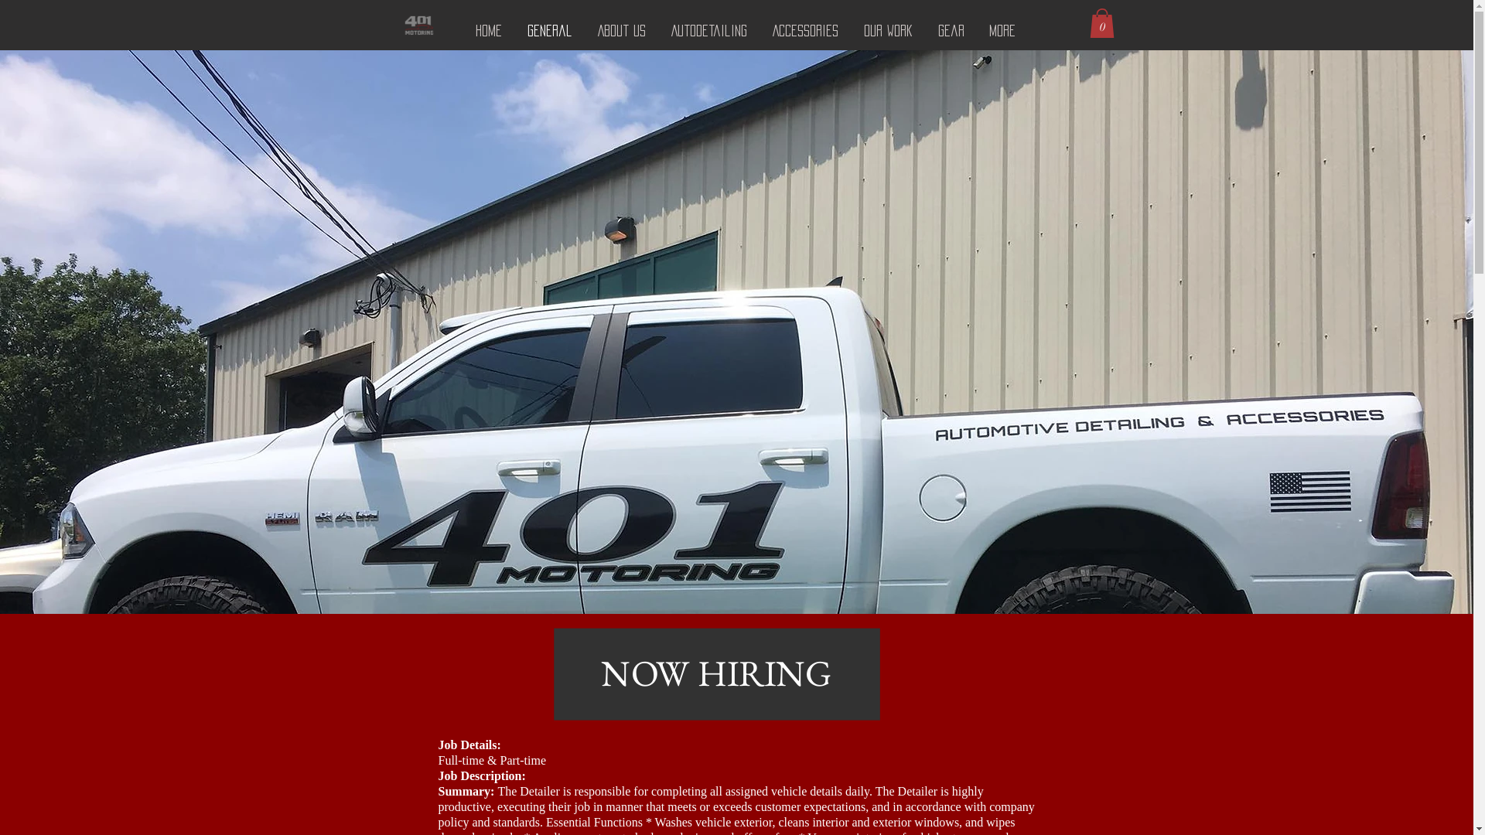 The image size is (1485, 835). What do you see at coordinates (487, 30) in the screenshot?
I see `'Home'` at bounding box center [487, 30].